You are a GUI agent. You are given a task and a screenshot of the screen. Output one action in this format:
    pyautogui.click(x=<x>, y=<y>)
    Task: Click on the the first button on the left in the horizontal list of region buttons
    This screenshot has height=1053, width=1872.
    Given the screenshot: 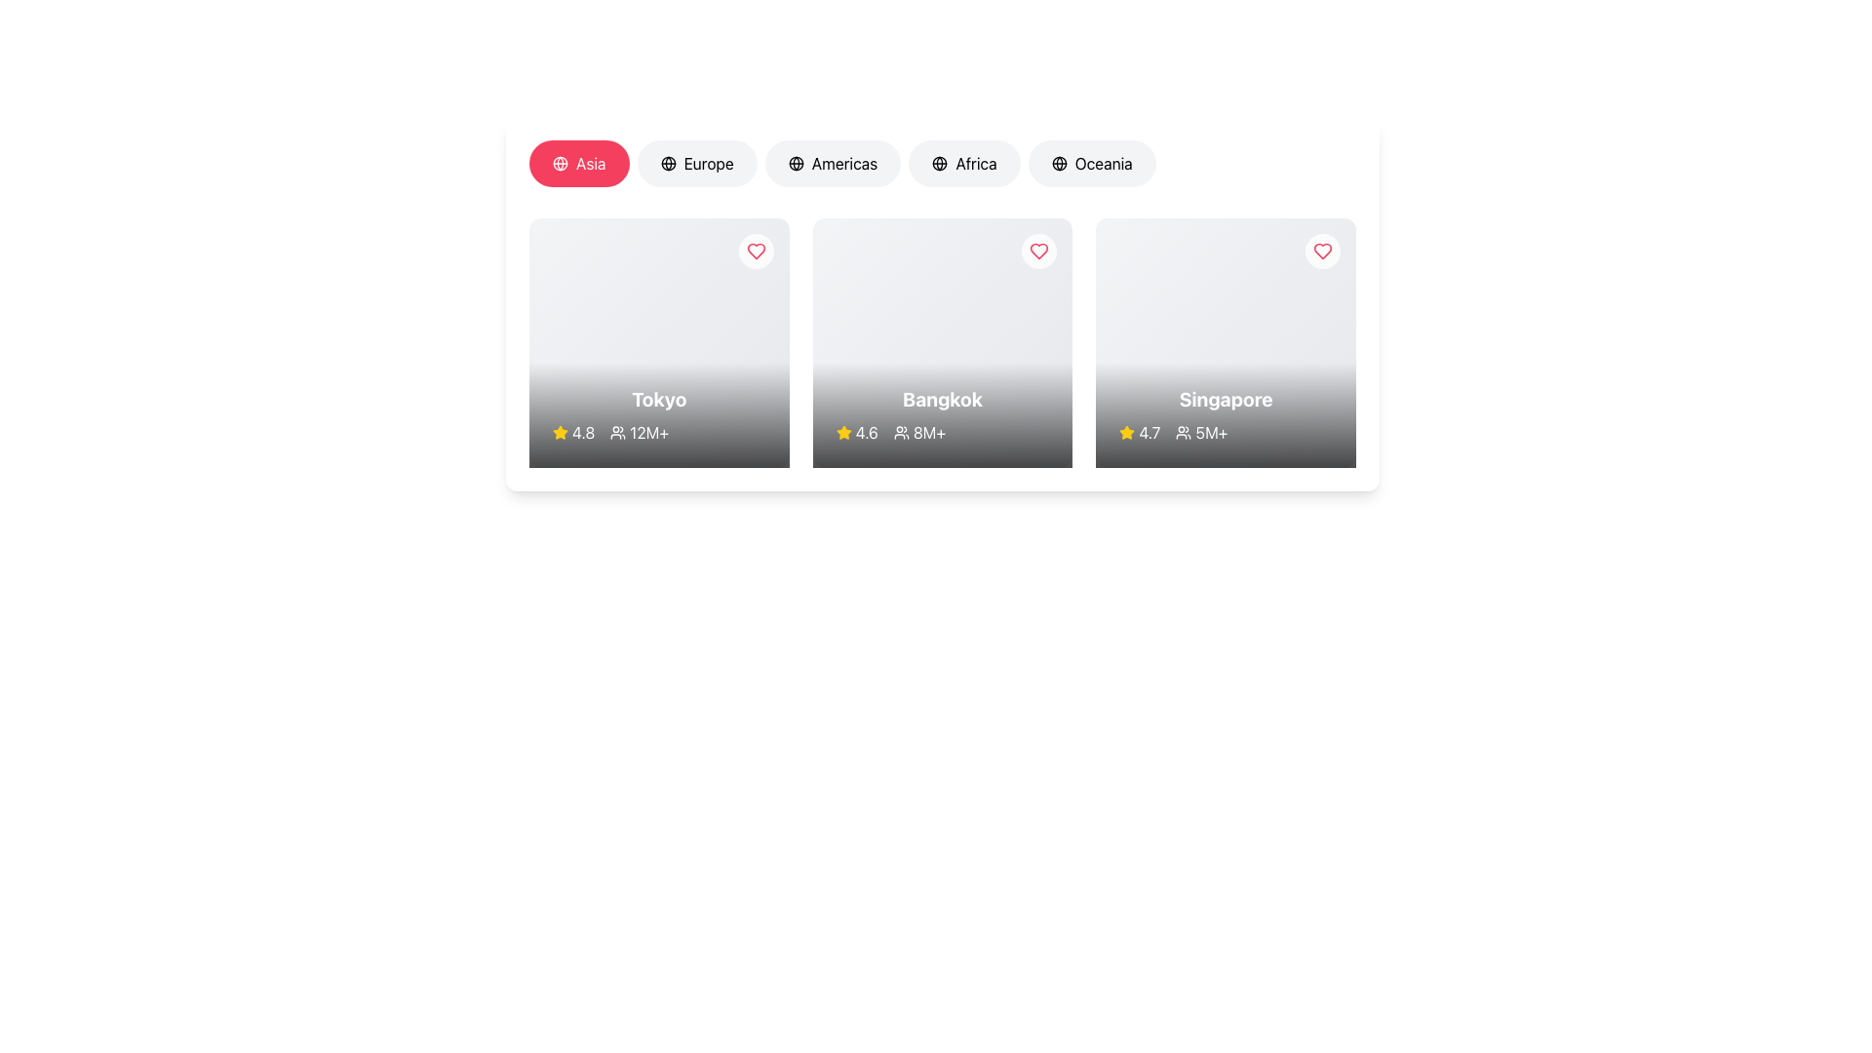 What is the action you would take?
    pyautogui.click(x=578, y=163)
    